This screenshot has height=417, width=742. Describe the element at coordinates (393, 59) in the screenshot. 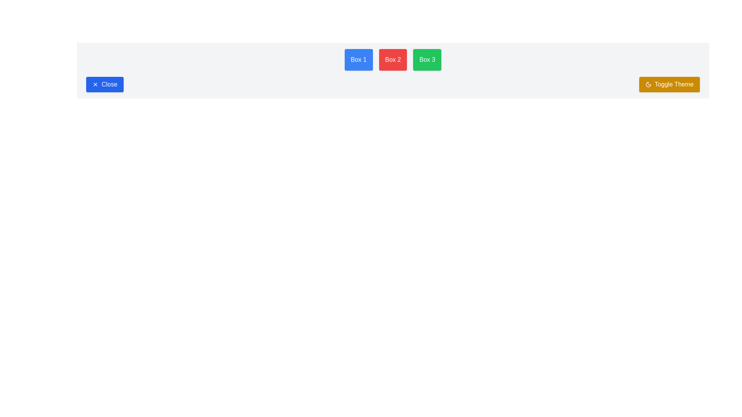

I see `the static visual element styled as a button, which signifies 'Box 2' and is positioned between the blue button 'Box 1' and the green button 'Box 3'` at that location.